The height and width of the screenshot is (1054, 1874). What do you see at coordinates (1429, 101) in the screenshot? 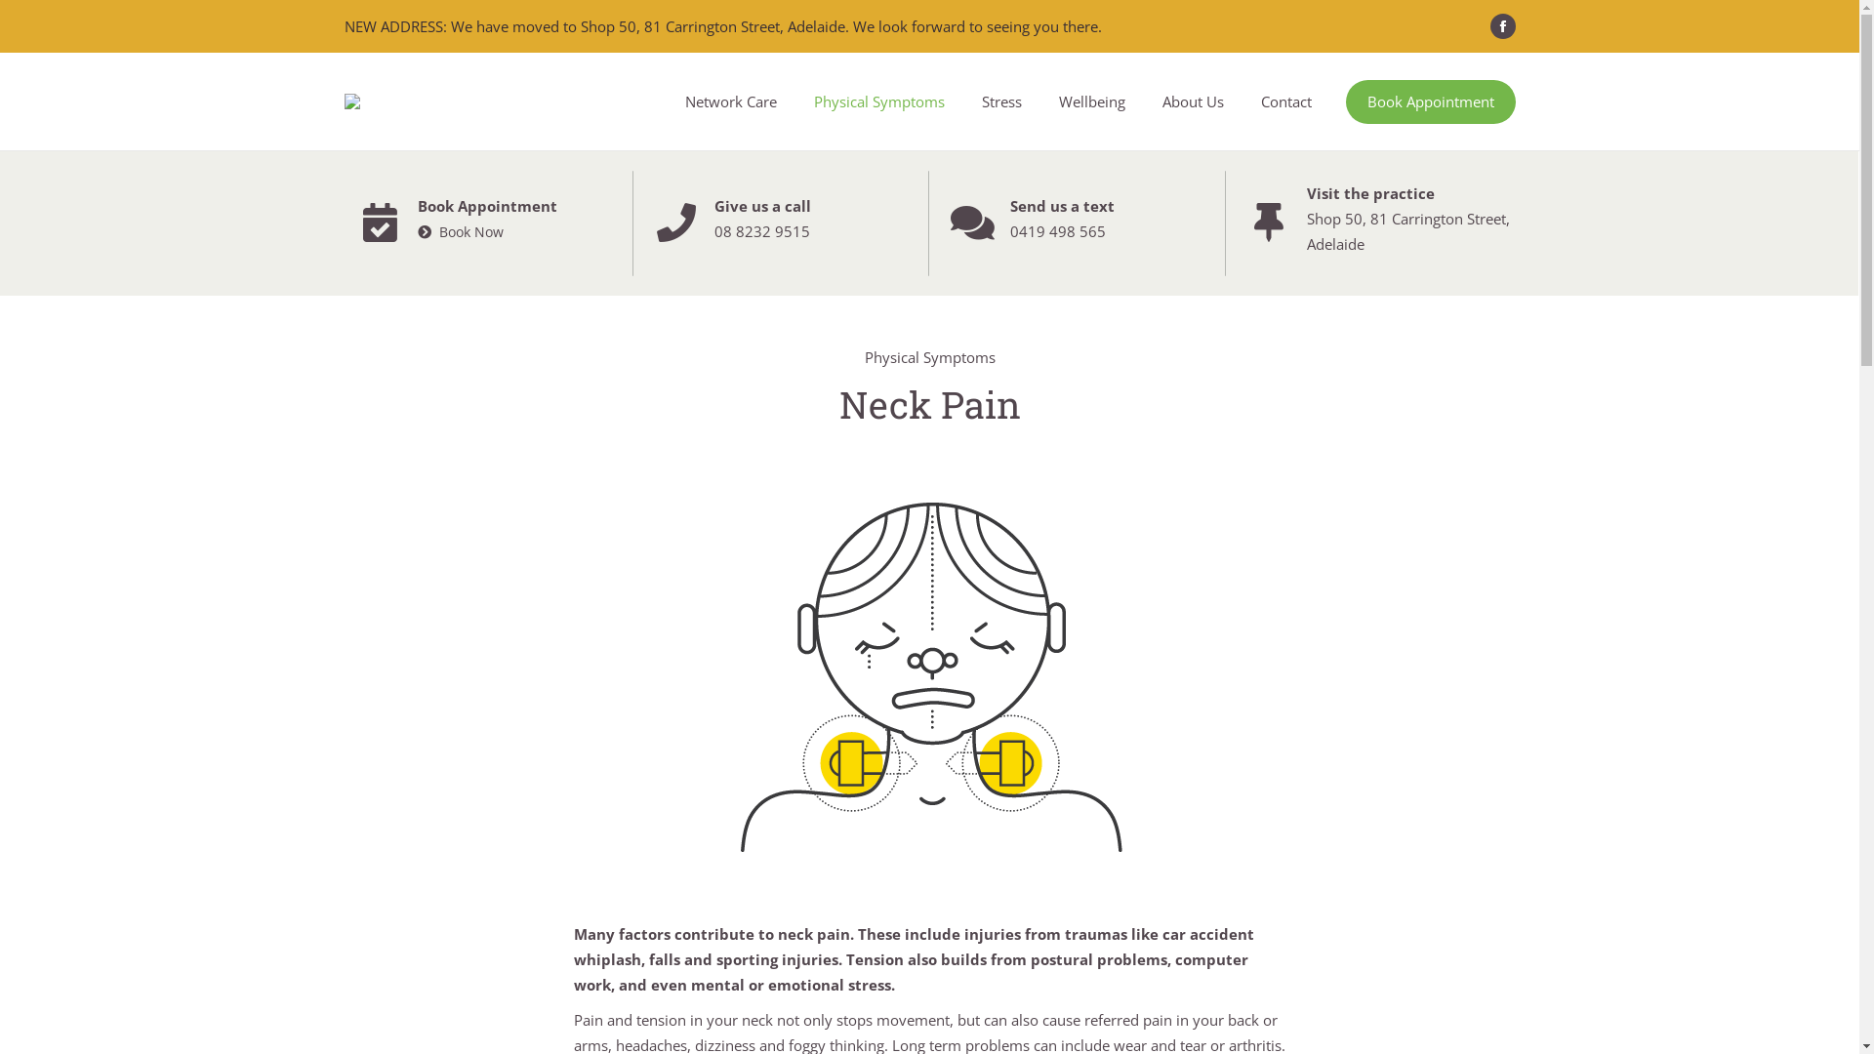
I see `'Book Appointment'` at bounding box center [1429, 101].